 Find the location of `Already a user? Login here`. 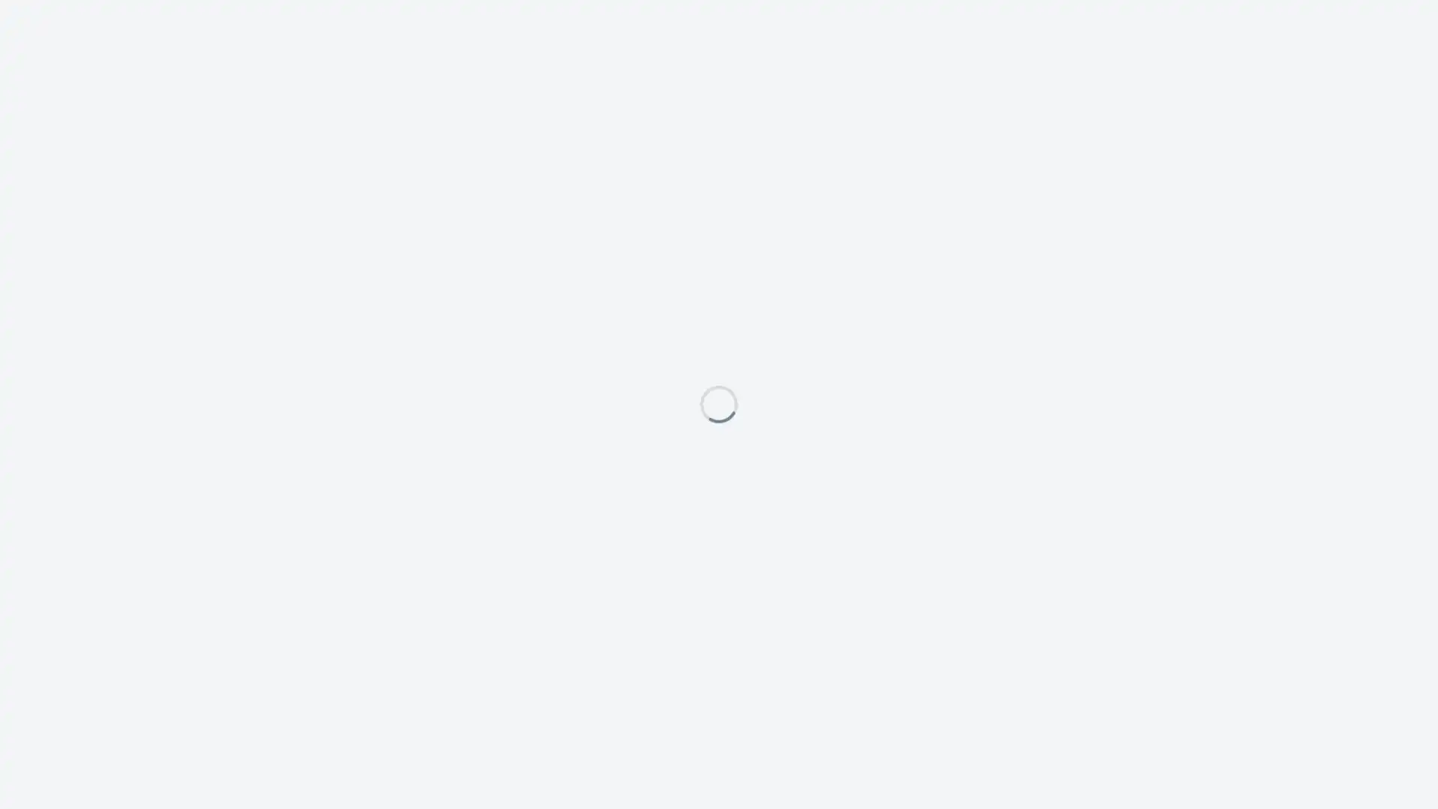

Already a user? Login here is located at coordinates (616, 478).